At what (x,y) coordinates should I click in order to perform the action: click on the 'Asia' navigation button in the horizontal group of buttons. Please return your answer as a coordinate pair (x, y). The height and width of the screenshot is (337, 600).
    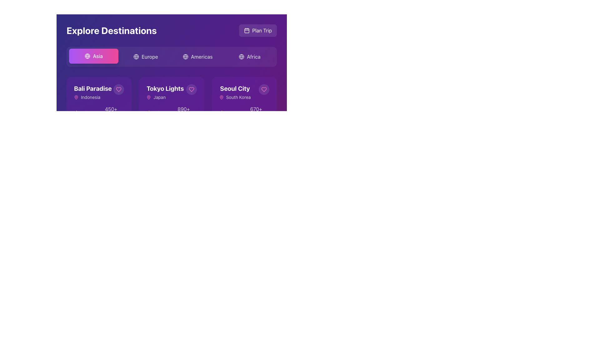
    Looking at the image, I should click on (93, 56).